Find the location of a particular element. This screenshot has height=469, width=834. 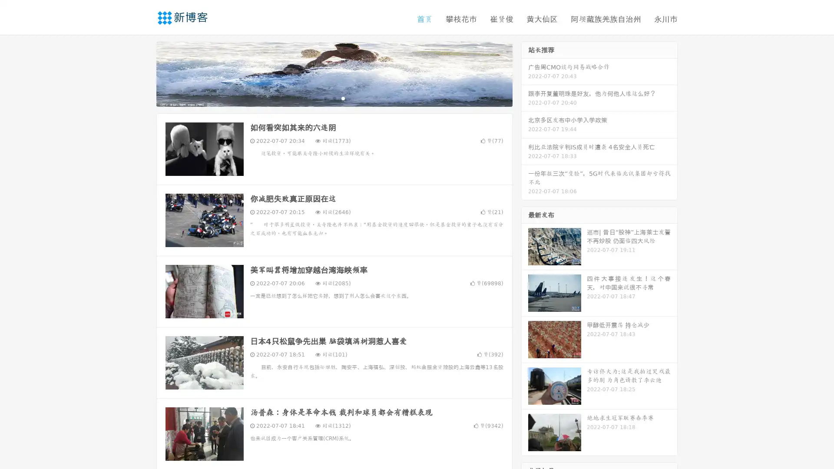

Go to slide 1 is located at coordinates (325, 98).